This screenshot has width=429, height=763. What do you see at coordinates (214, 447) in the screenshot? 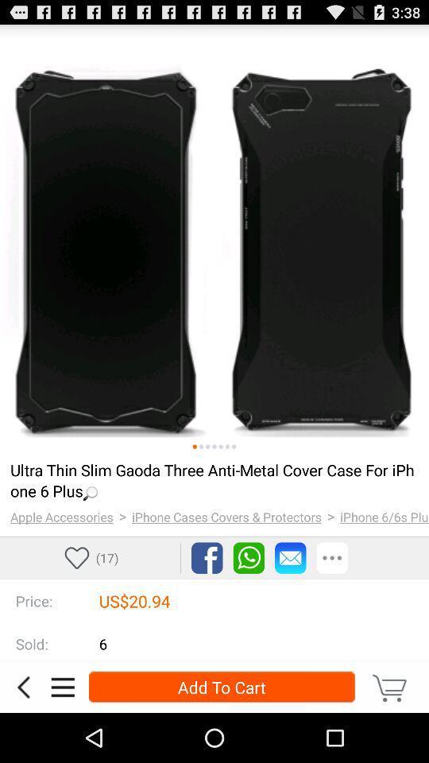
I see `the item above the loading...` at bounding box center [214, 447].